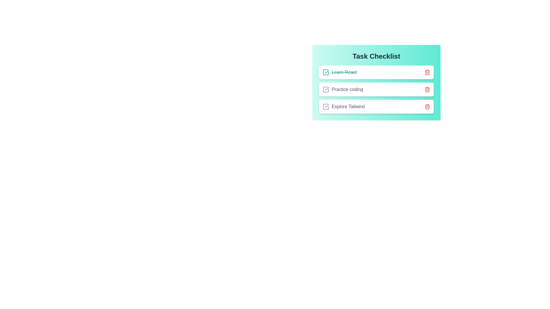 This screenshot has height=309, width=550. Describe the element at coordinates (376, 56) in the screenshot. I see `the checklist header labeled 'Task Checklist'` at that location.